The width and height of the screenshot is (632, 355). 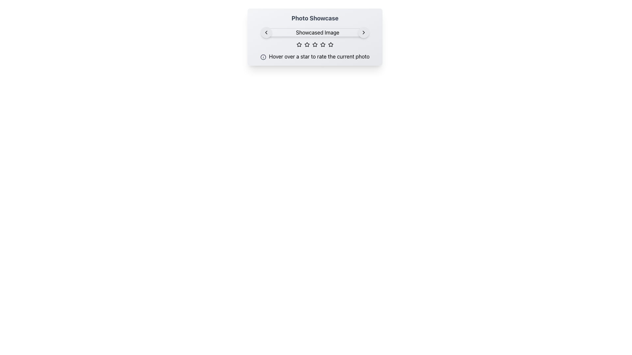 I want to click on the first rating star located below the 'Showcased Image' section to give a rating, so click(x=299, y=44).